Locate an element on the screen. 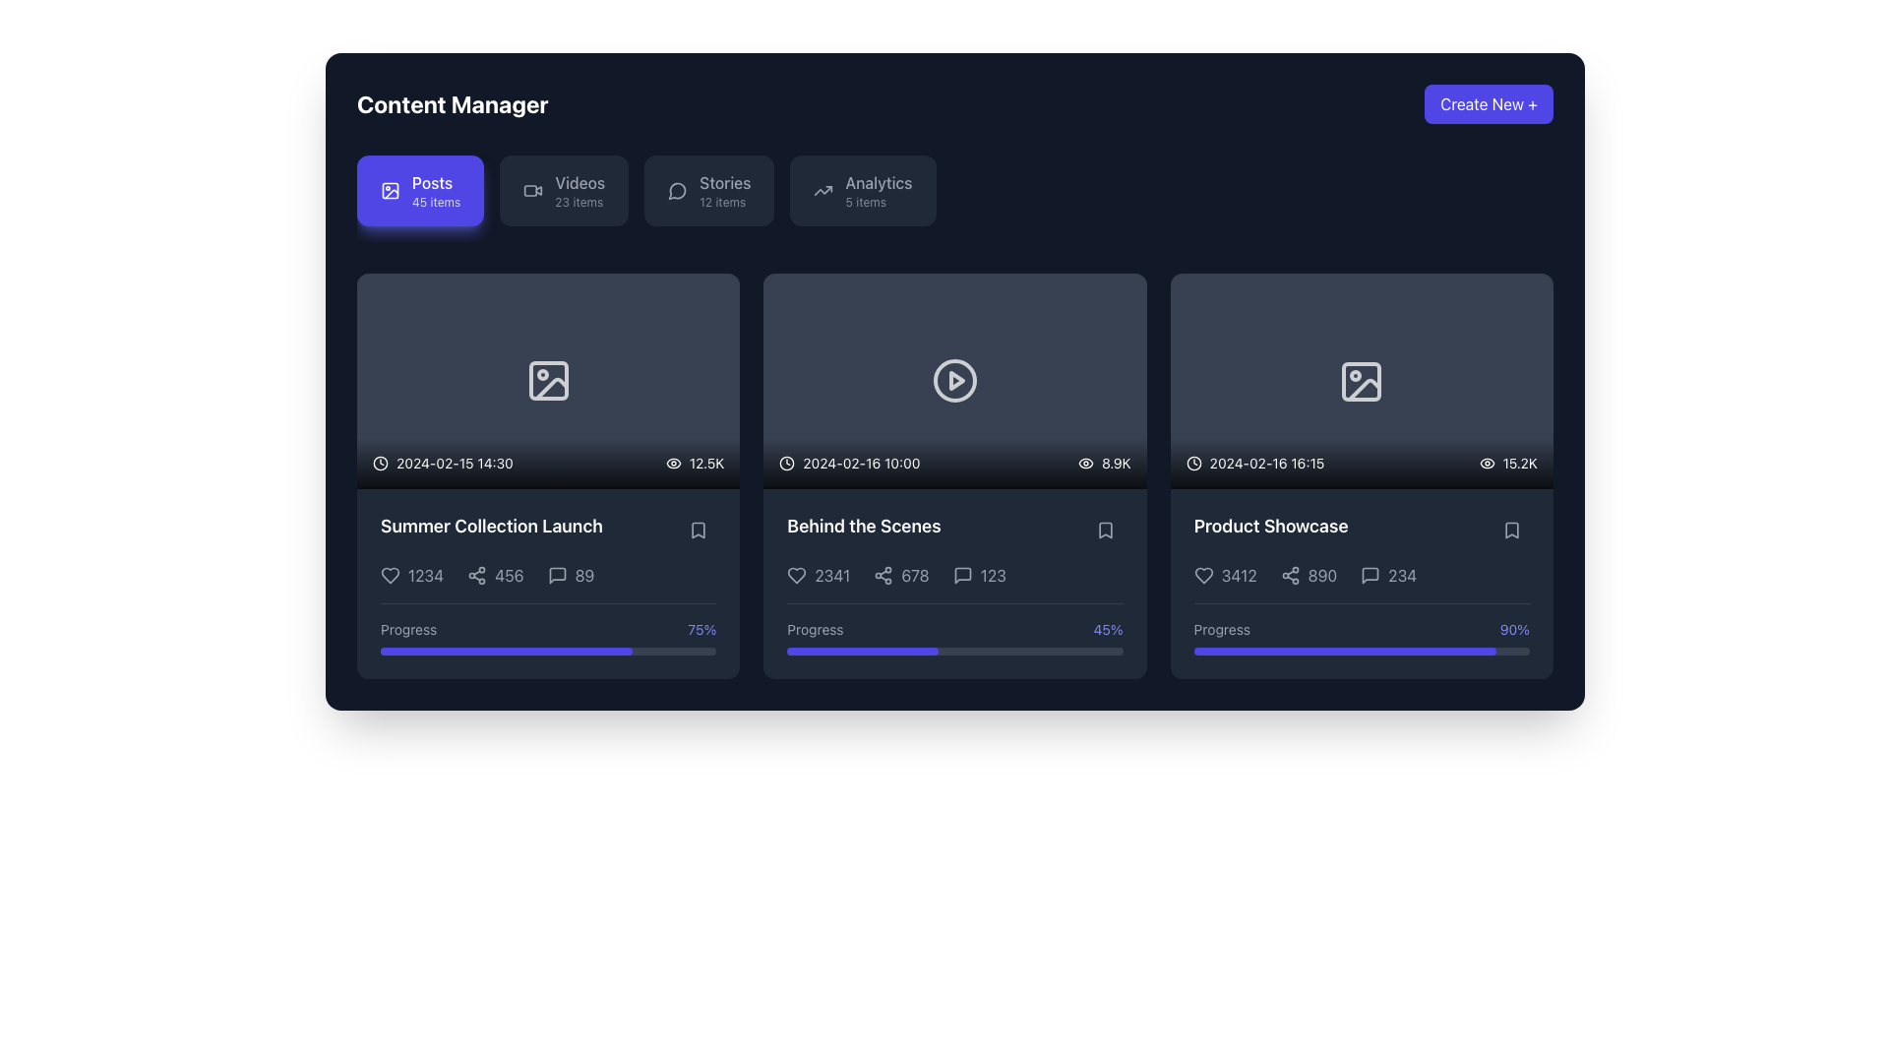 The height and width of the screenshot is (1063, 1889). the Text label positioned beneath the image placeholder in the first card of the horizontally aligned card list, which serves as a title for the card is located at coordinates (491, 526).